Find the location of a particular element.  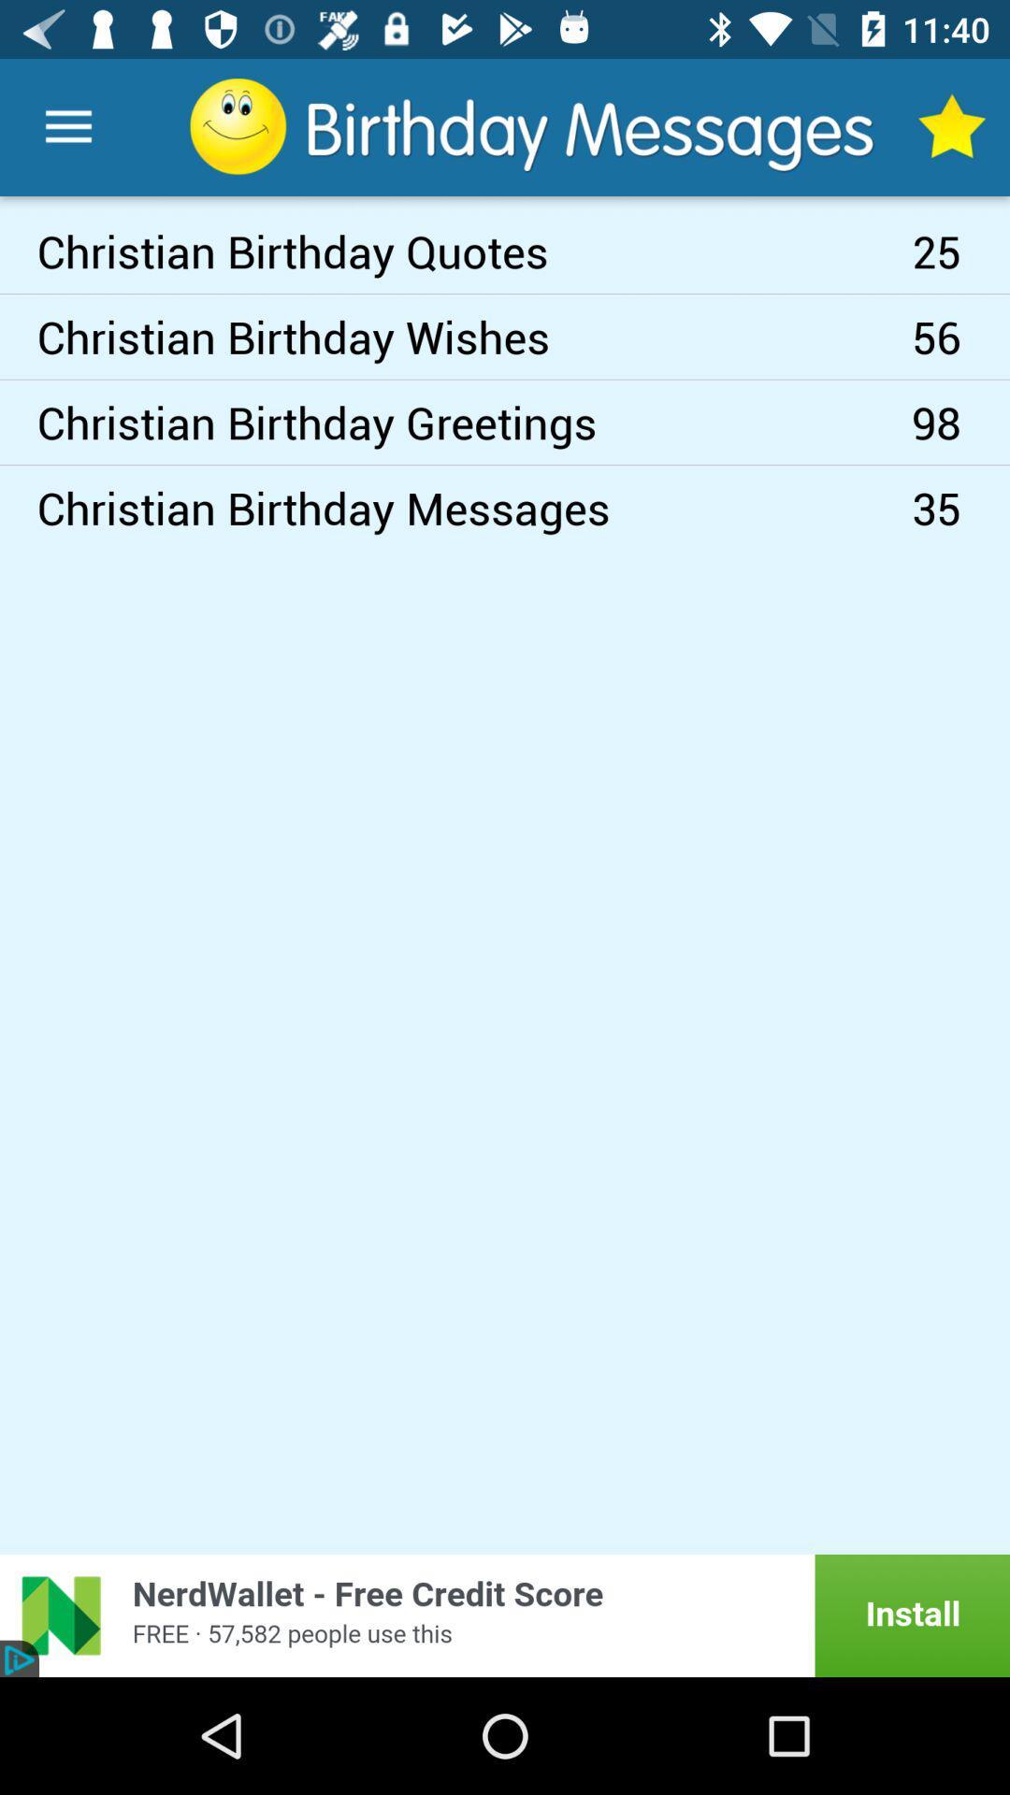

advertisement by google adsense is located at coordinates (505, 1615).